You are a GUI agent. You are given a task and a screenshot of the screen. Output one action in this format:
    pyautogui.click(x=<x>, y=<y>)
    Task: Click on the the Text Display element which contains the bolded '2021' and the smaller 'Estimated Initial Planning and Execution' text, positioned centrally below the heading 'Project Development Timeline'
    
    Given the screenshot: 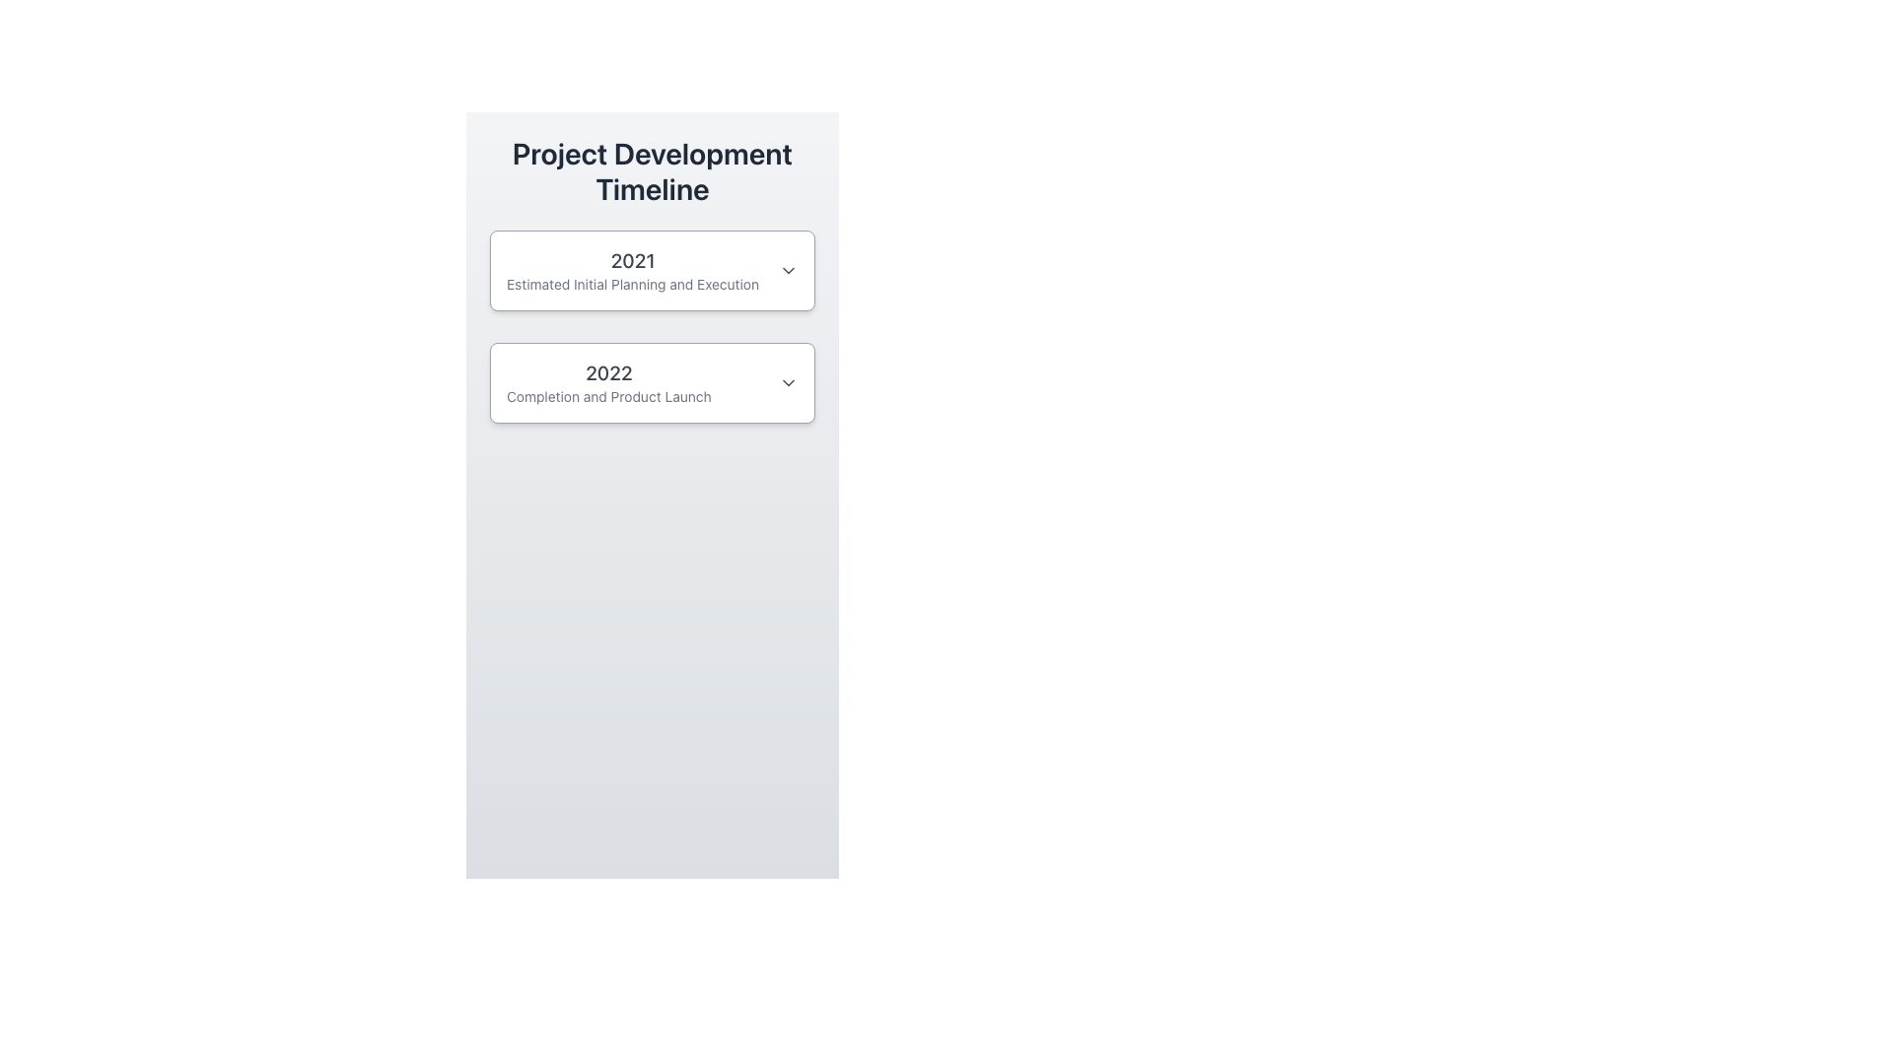 What is the action you would take?
    pyautogui.click(x=633, y=270)
    